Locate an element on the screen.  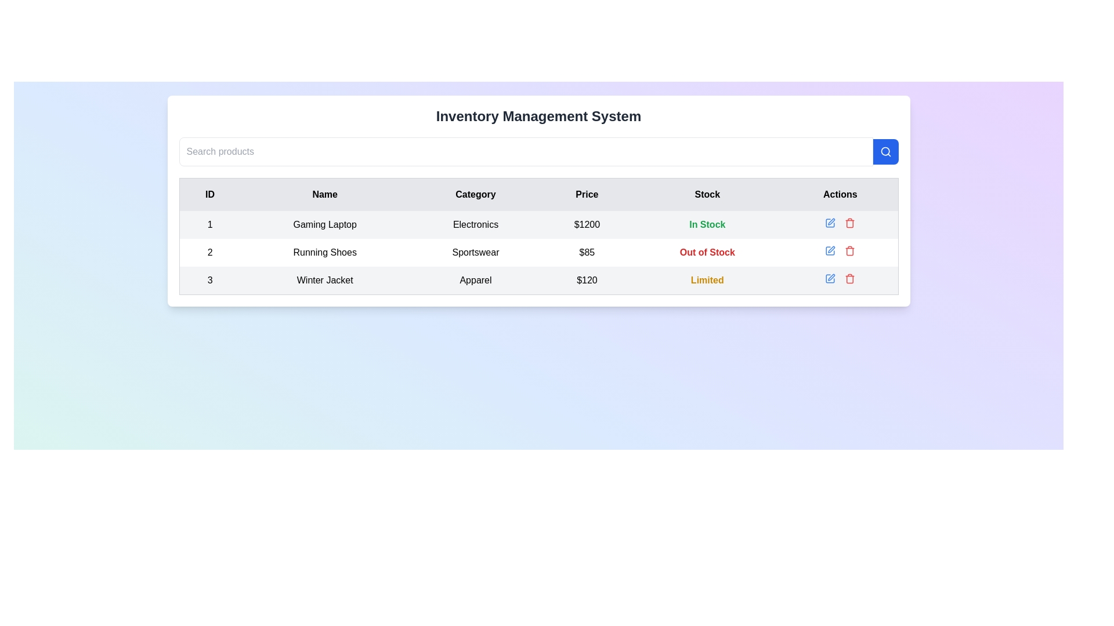
the edit button located in the 'Actions' column of the third row of the table is located at coordinates (830, 279).